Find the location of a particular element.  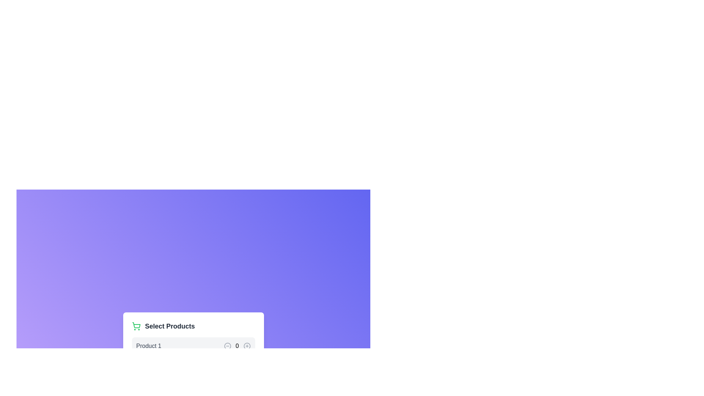

the graphical composition of the inner circular stroke within the 'Add Item' button icon, which is centrally located within the circular plus symbol is located at coordinates (247, 346).